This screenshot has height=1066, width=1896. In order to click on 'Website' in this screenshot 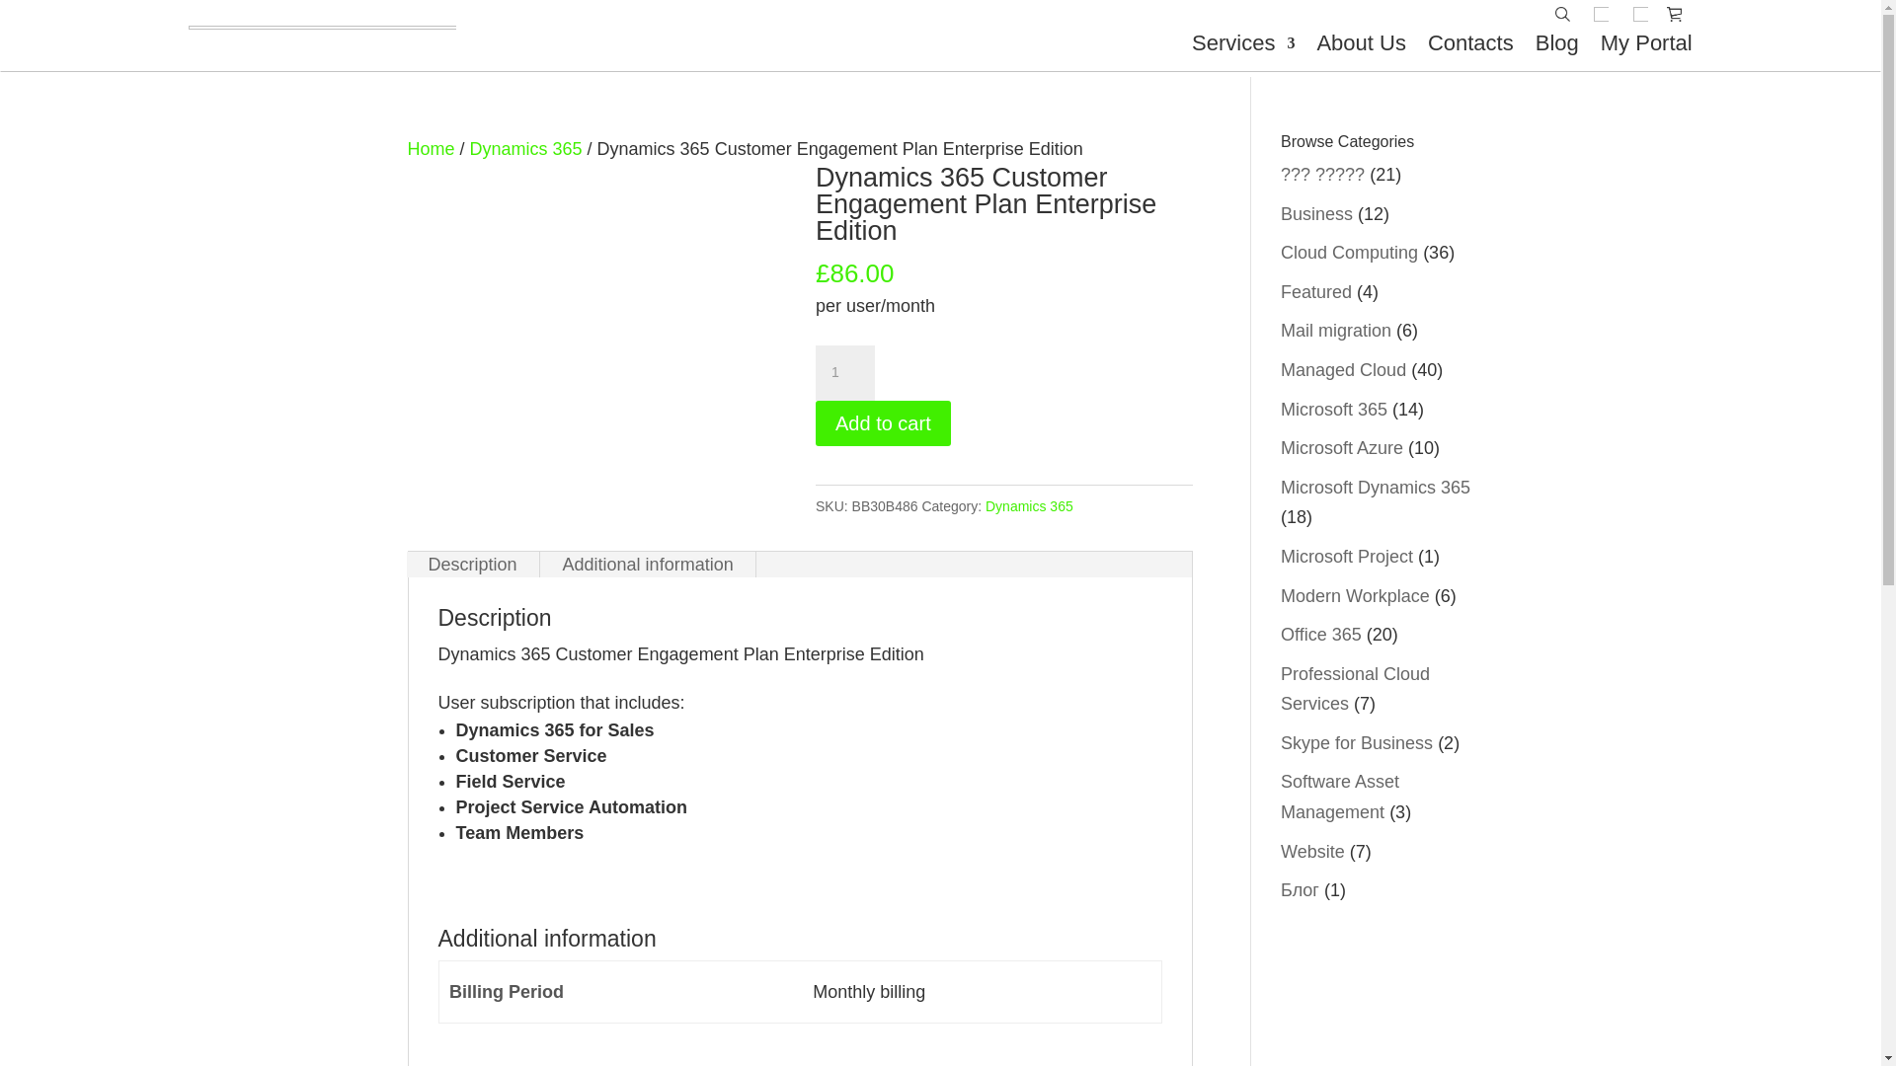, I will do `click(1312, 851)`.